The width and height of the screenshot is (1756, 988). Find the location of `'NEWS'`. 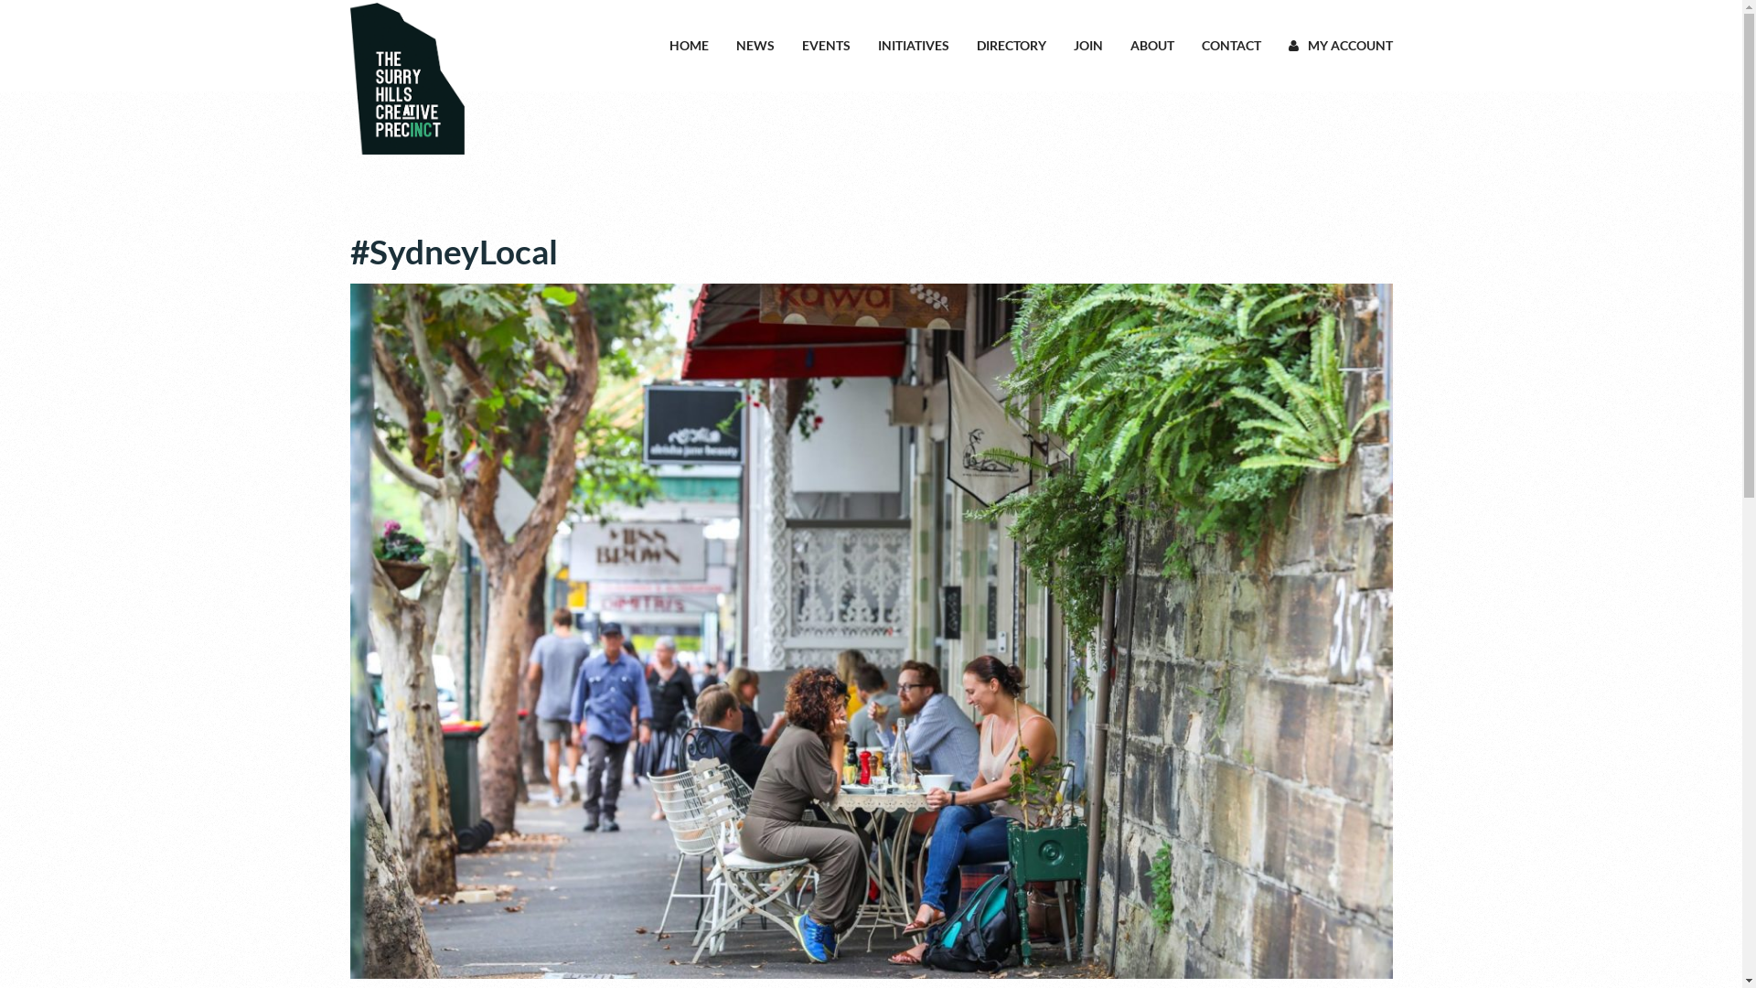

'NEWS' is located at coordinates (755, 45).